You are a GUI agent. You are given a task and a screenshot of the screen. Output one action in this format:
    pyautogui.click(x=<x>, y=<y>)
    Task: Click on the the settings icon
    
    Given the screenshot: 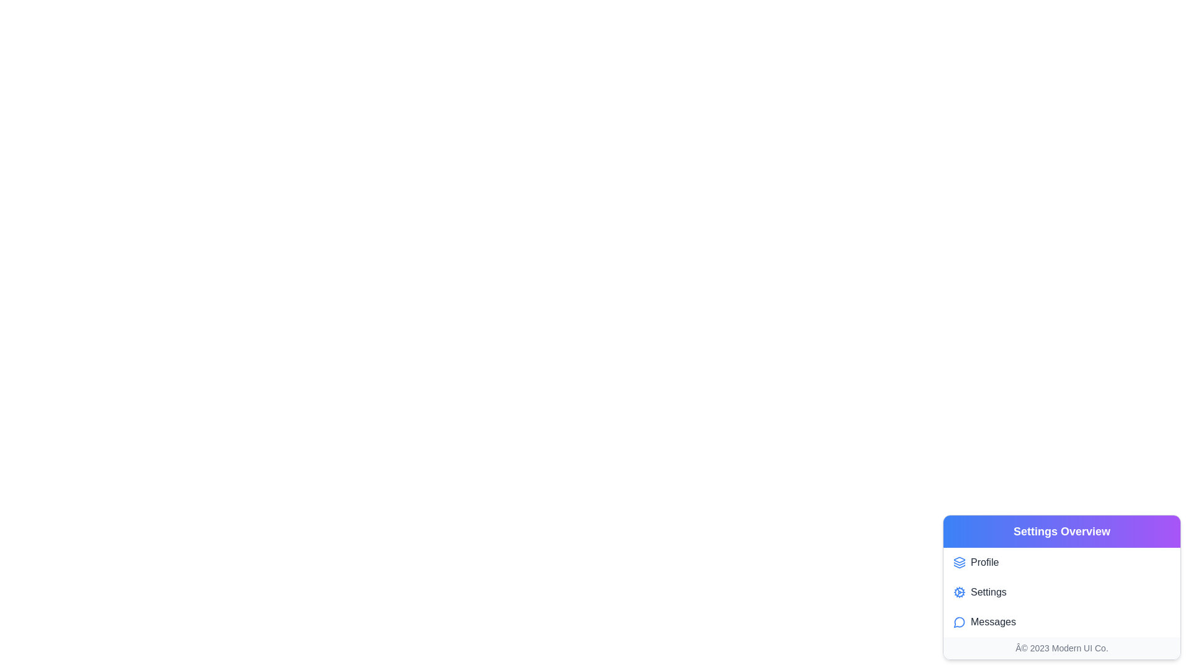 What is the action you would take?
    pyautogui.click(x=958, y=592)
    